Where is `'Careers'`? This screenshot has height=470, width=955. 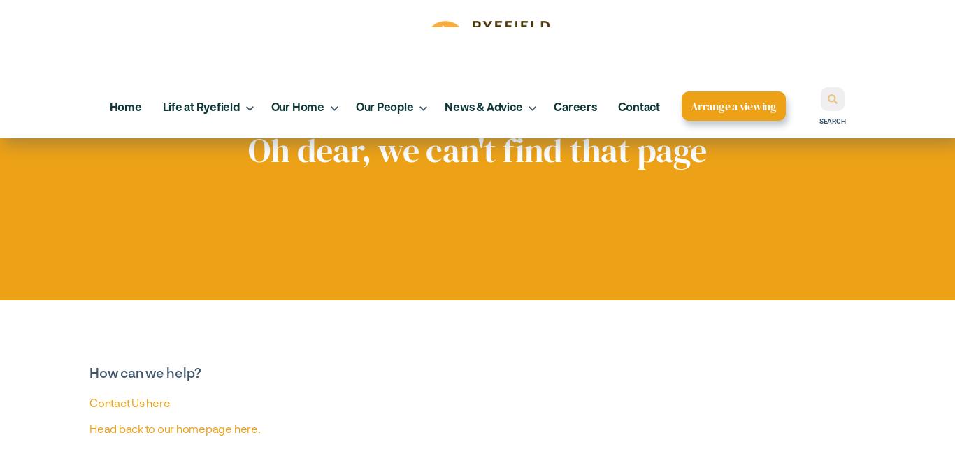
'Careers' is located at coordinates (574, 105).